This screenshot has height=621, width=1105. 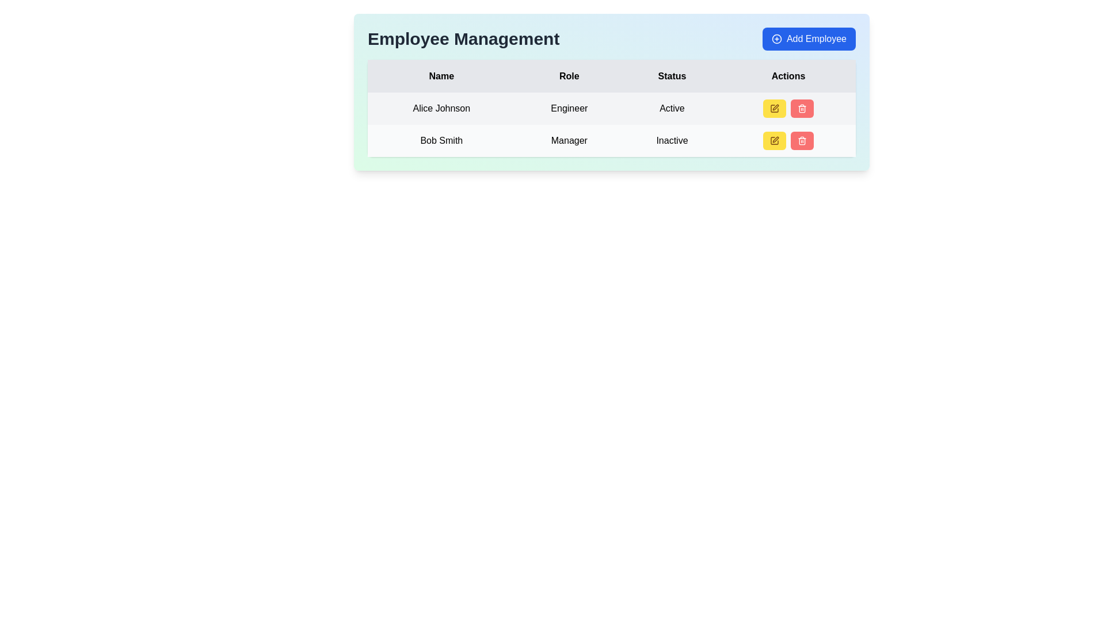 What do you see at coordinates (569, 140) in the screenshot?
I see `the text label displaying 'Manager', which is located in the second row under the 'Role' header, adjacent to 'Bob Smith' and 'Inactive'` at bounding box center [569, 140].